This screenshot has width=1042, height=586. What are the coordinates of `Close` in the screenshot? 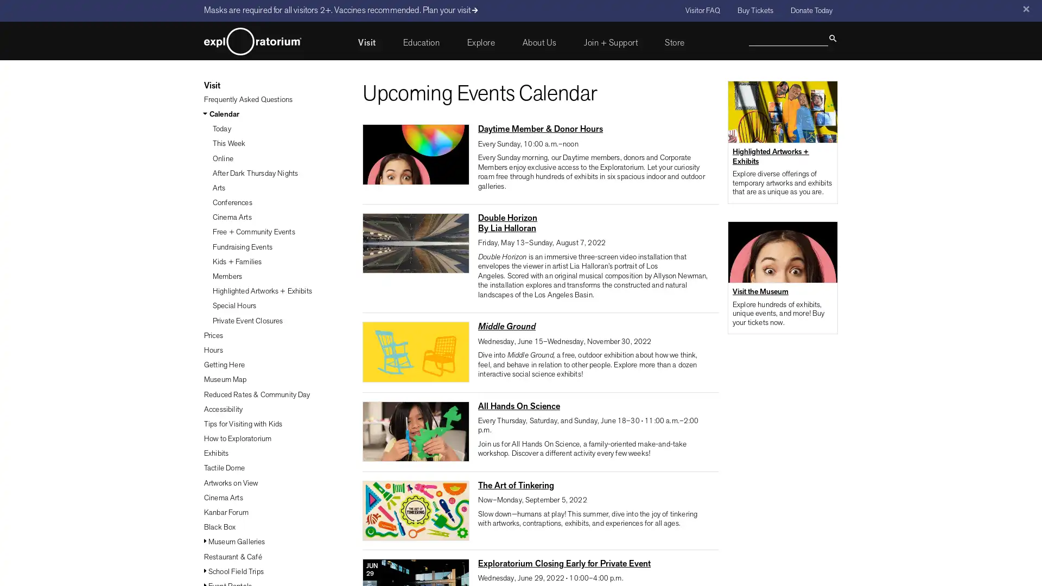 It's located at (1025, 9).